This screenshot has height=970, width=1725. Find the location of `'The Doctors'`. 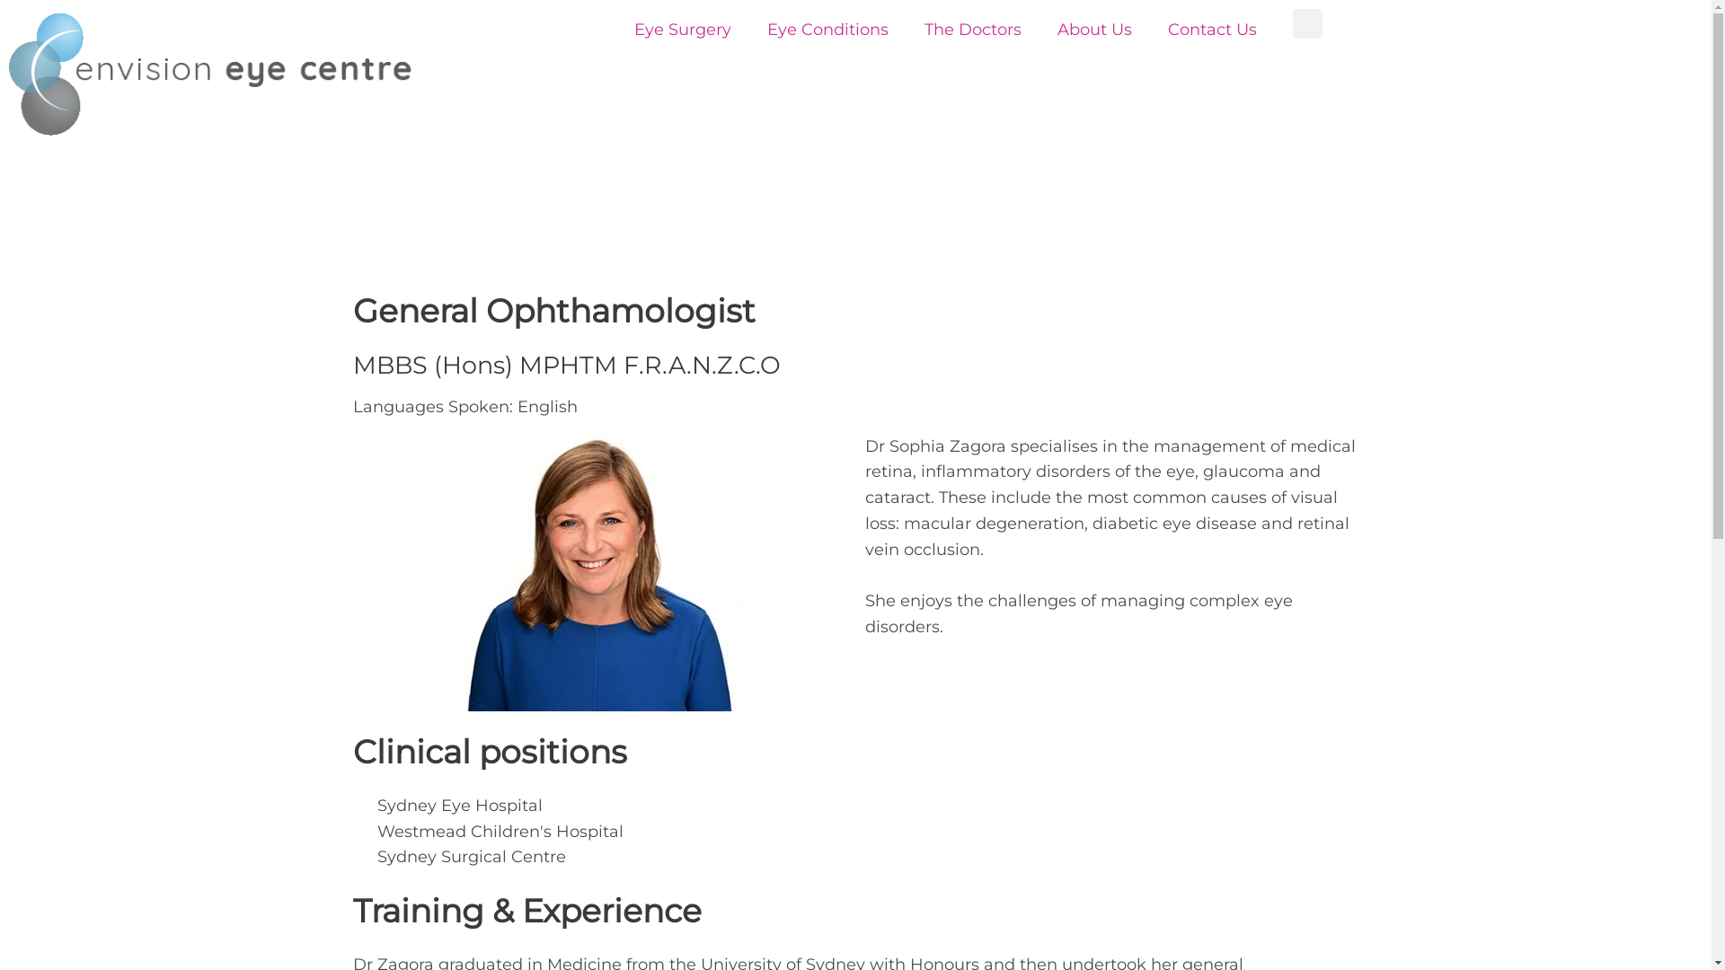

'The Doctors' is located at coordinates (972, 30).